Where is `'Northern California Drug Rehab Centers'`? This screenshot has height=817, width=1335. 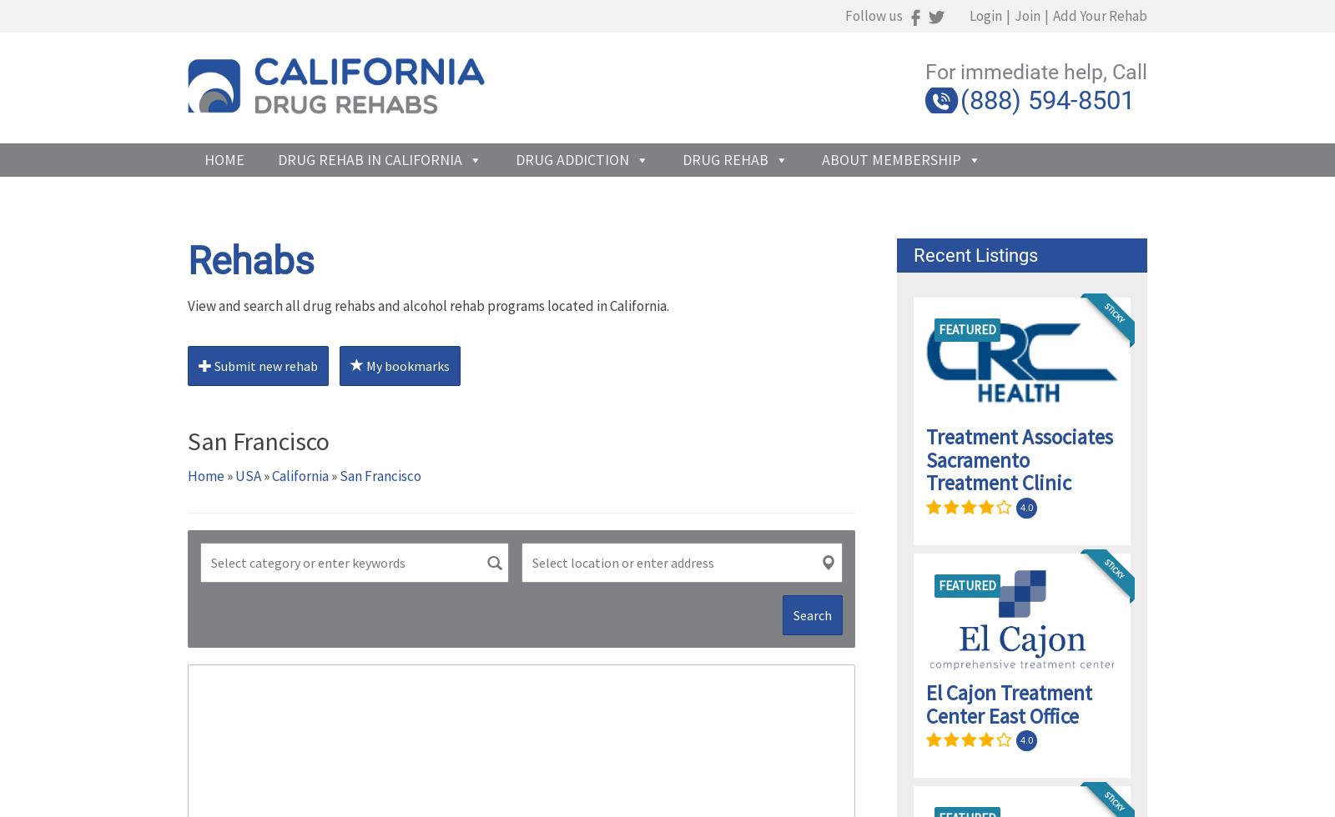 'Northern California Drug Rehab Centers' is located at coordinates (315, 276).